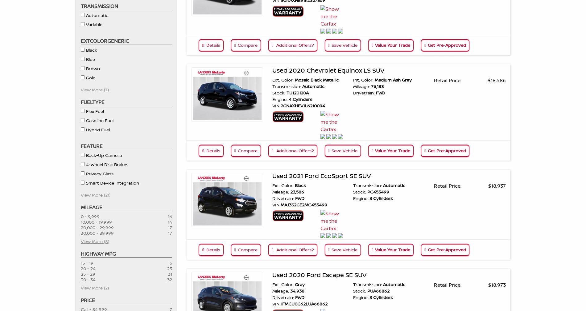 The width and height of the screenshot is (586, 311). I want to click on 'Blue', so click(84, 59).